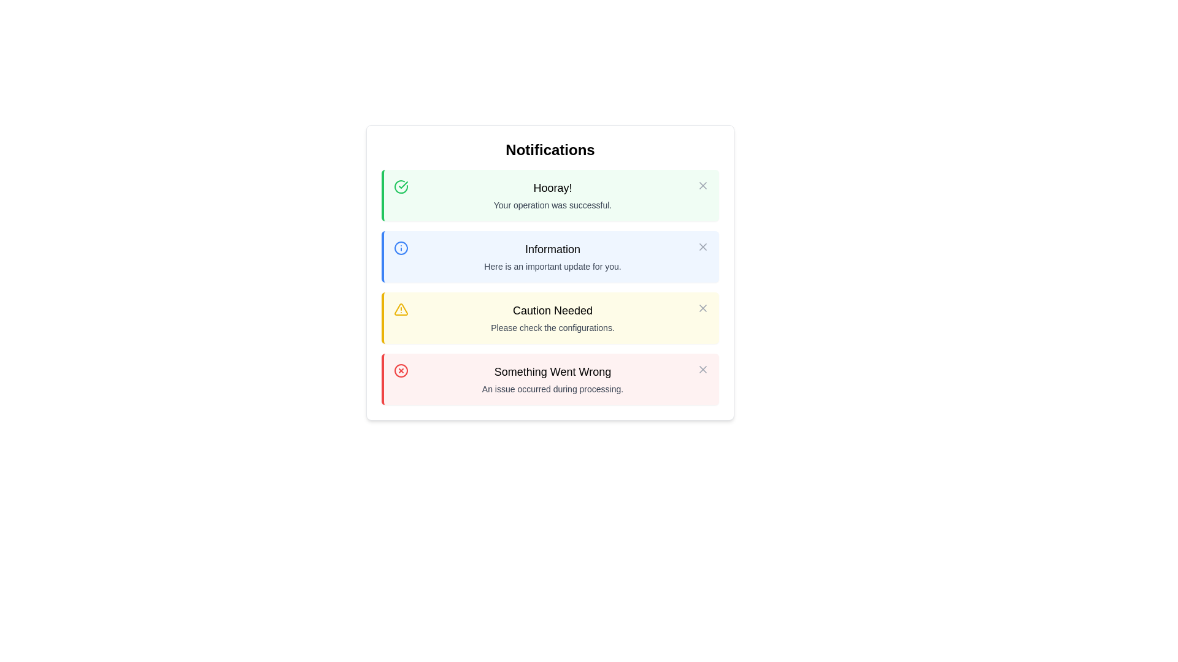  I want to click on the close button located at the top-right corner of the notification box, so click(703, 186).